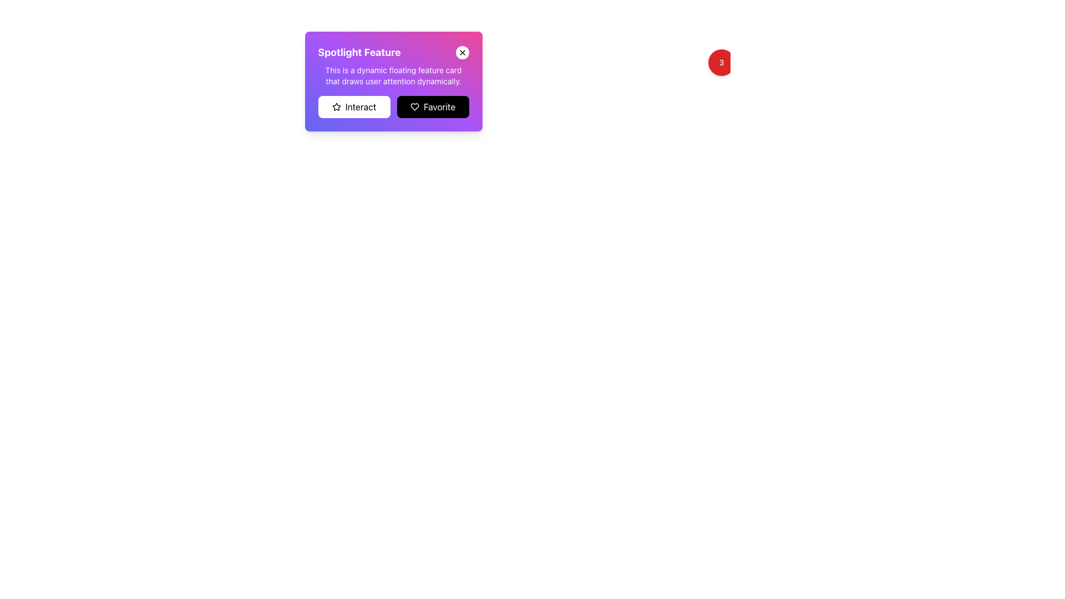 Image resolution: width=1065 pixels, height=599 pixels. I want to click on the close button located in the top-right corner of the 'Spotlight Feature' card to change its style, so click(462, 53).